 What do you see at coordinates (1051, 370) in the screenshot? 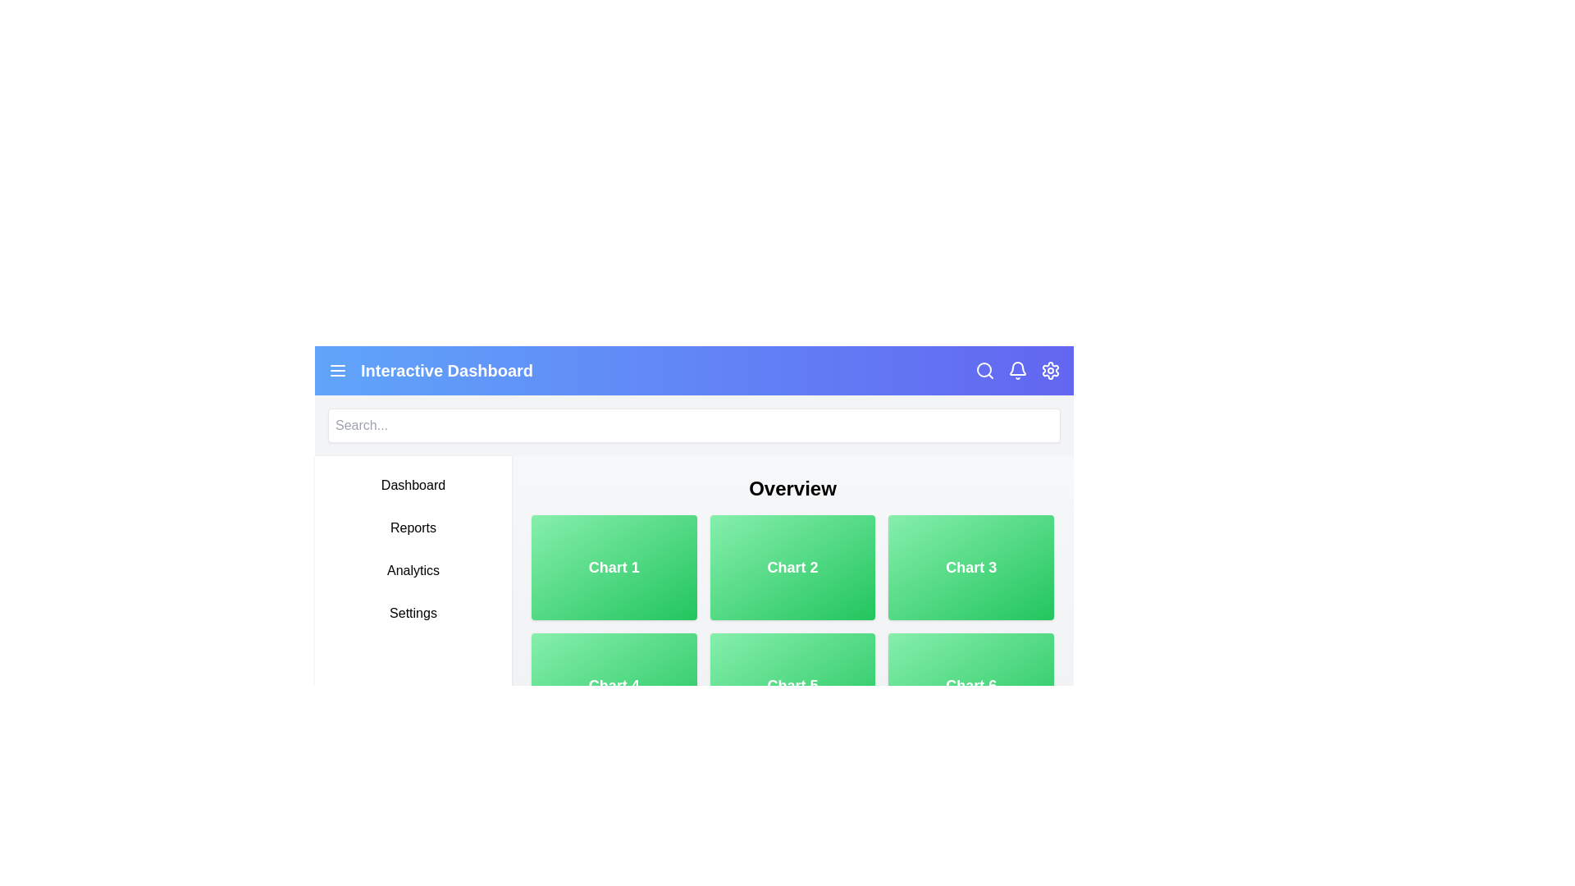
I see `the settings icon to open the settings menu` at bounding box center [1051, 370].